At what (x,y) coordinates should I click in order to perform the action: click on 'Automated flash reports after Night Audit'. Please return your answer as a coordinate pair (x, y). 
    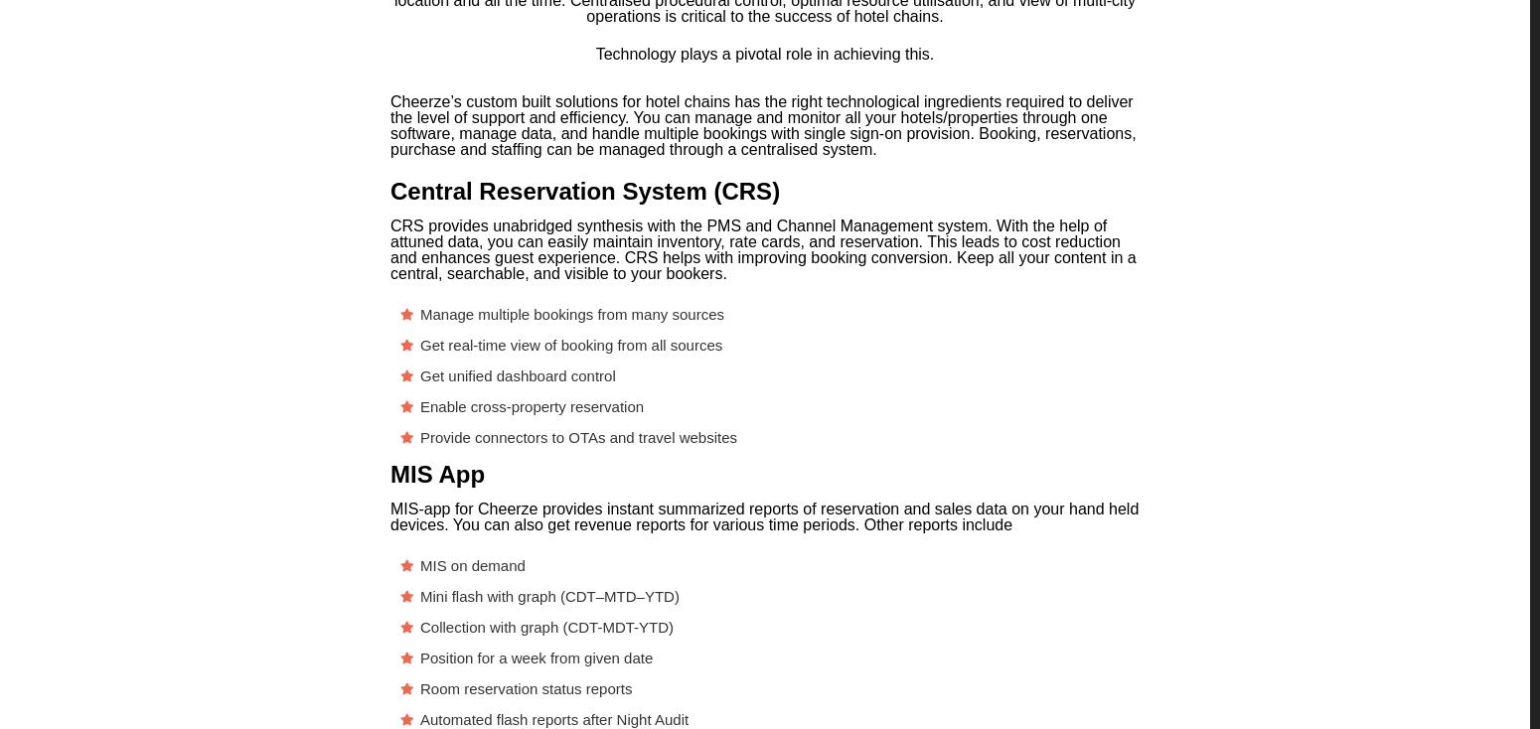
    Looking at the image, I should click on (419, 719).